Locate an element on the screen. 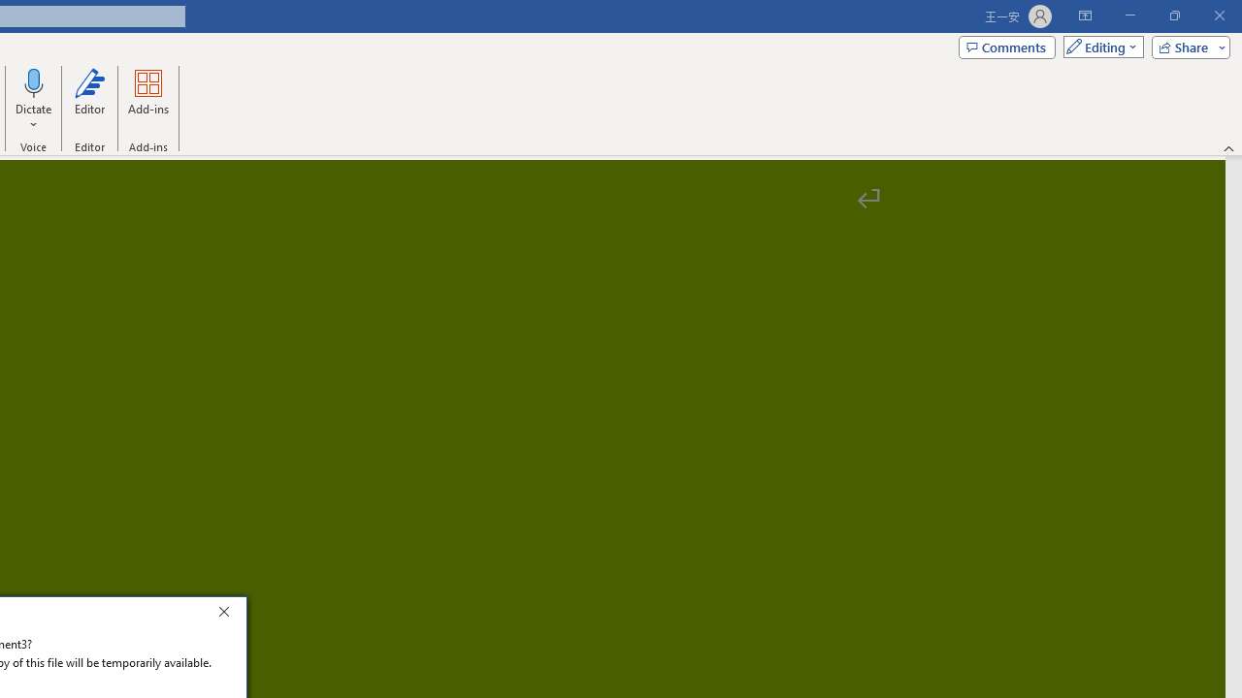 This screenshot has height=698, width=1242. 'Close' is located at coordinates (229, 614).